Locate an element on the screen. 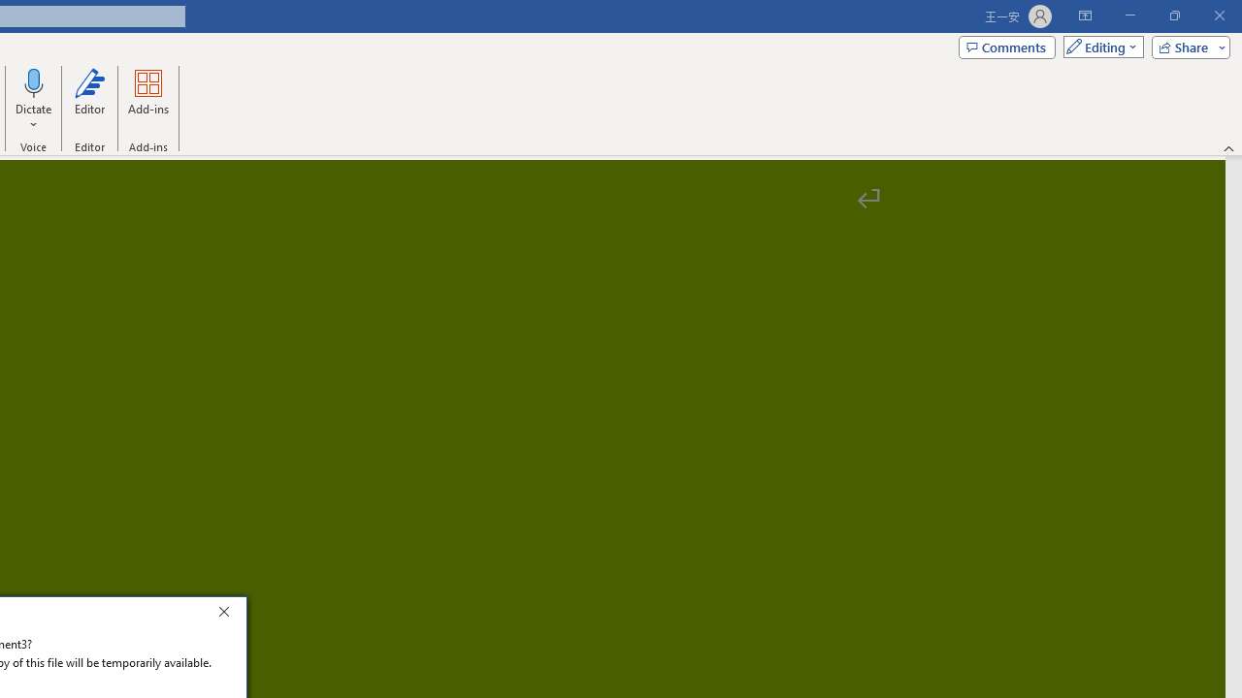 This screenshot has height=698, width=1242. 'Close' is located at coordinates (229, 614).